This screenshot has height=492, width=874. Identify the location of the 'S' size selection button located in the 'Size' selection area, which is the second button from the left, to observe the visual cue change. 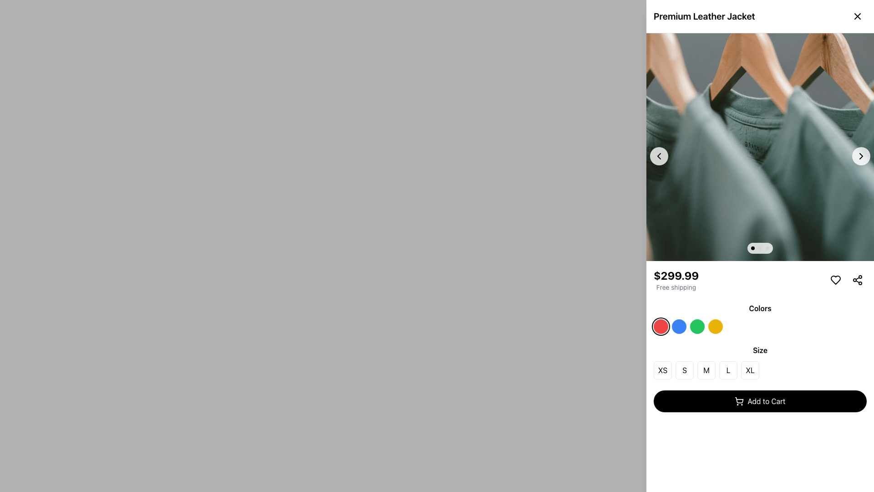
(684, 370).